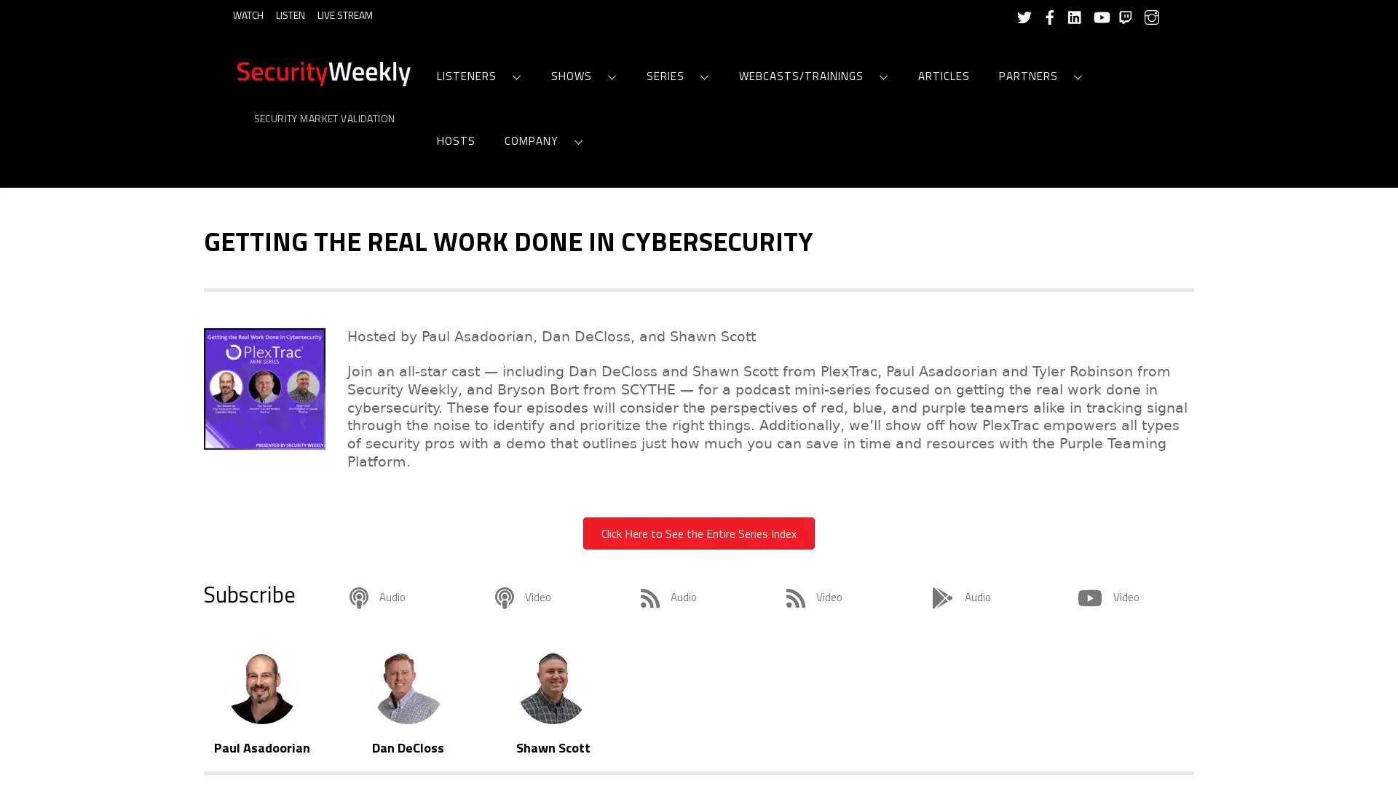 The width and height of the screenshot is (1398, 786). What do you see at coordinates (699, 533) in the screenshot?
I see `Click Here to See the Entire Series Index` at bounding box center [699, 533].